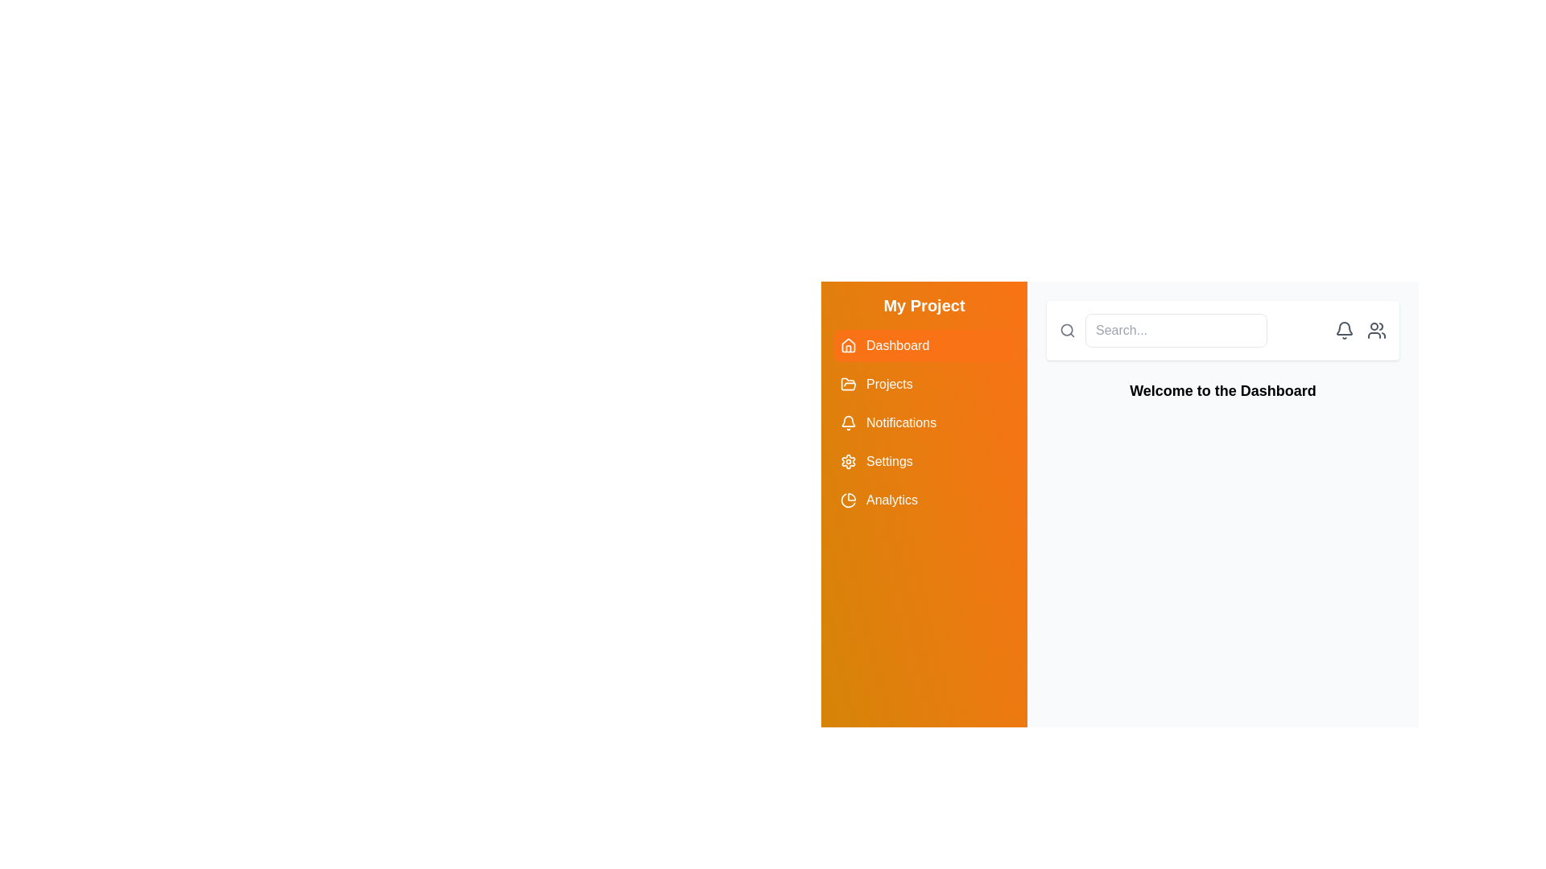 The image size is (1546, 869). What do you see at coordinates (1067, 330) in the screenshot?
I see `the gray magnifying glass icon to focus the adjacent search field` at bounding box center [1067, 330].